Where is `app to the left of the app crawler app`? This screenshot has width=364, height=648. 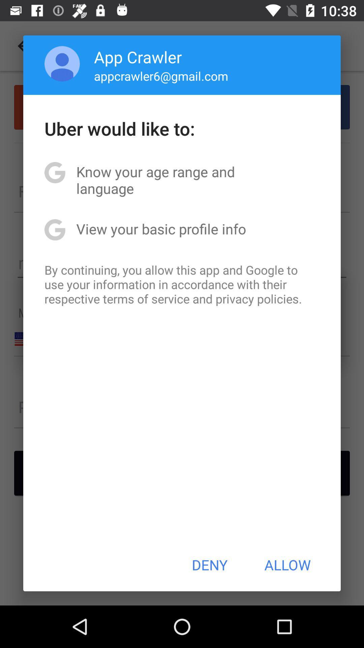 app to the left of the app crawler app is located at coordinates (62, 63).